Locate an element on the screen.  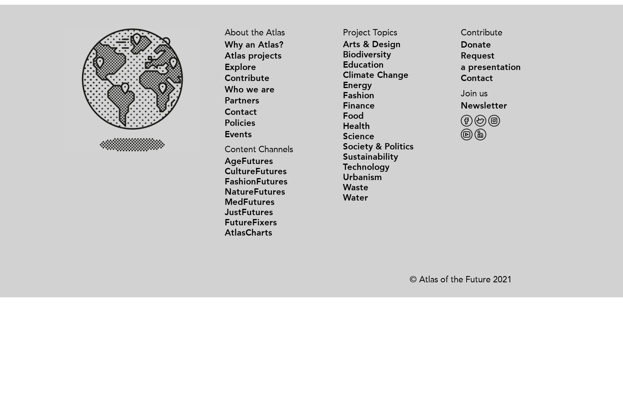
'Fashion' is located at coordinates (357, 95).